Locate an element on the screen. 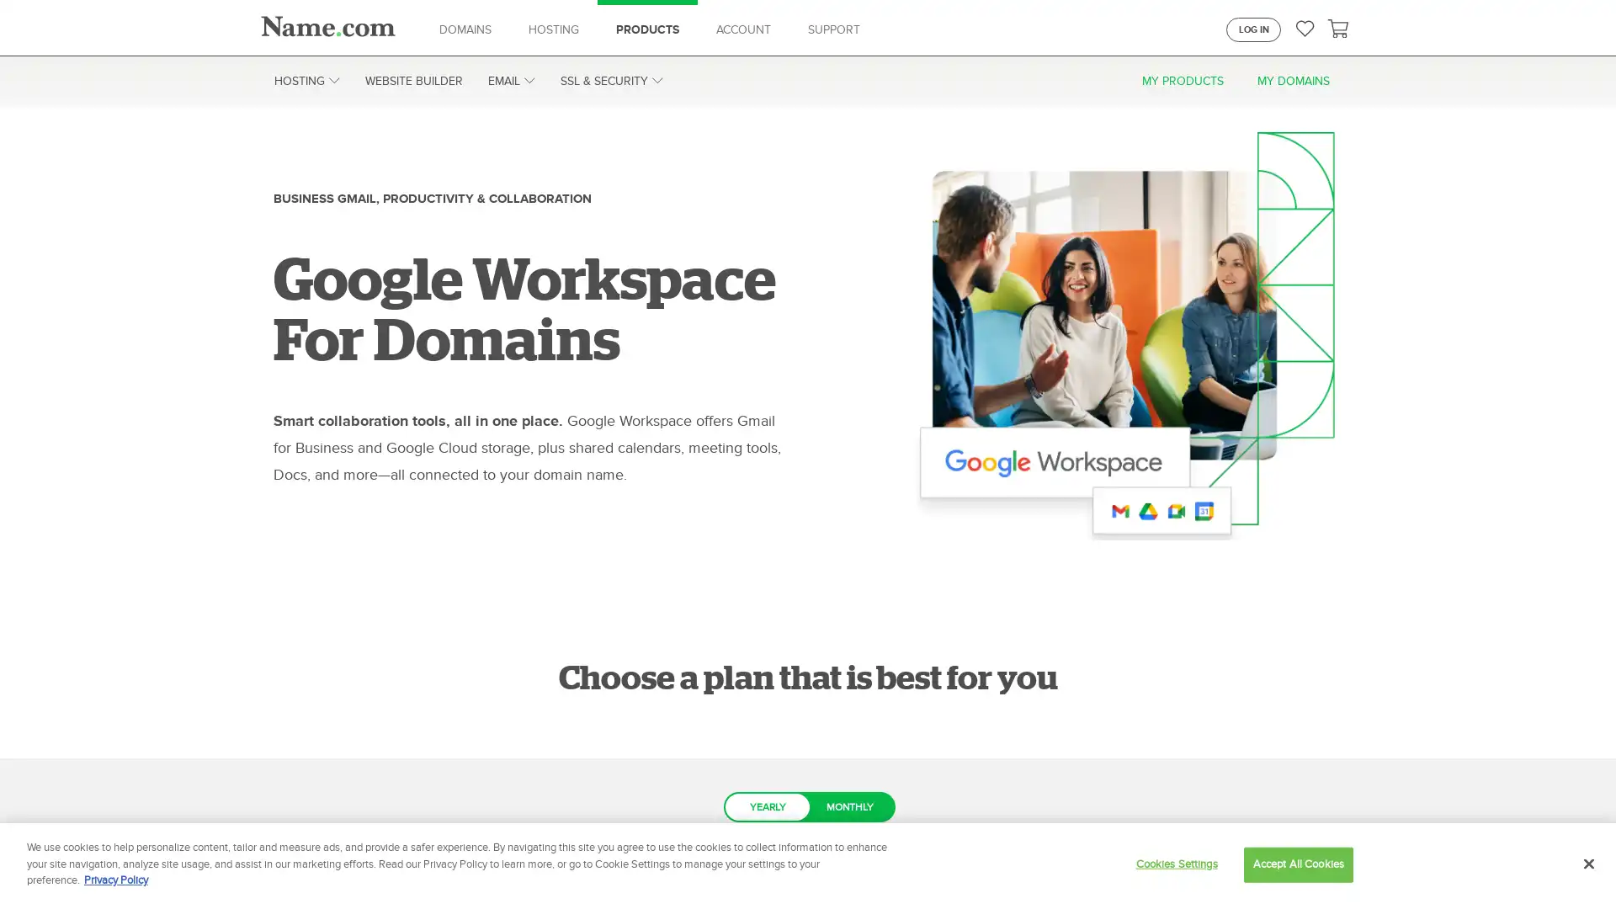 Image resolution: width=1616 pixels, height=909 pixels. Cookies Settings is located at coordinates (1175, 864).